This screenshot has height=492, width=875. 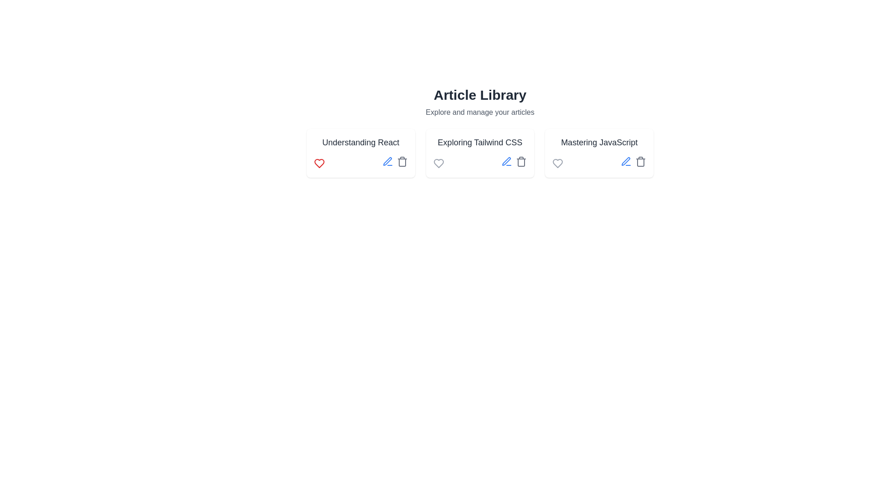 I want to click on the 'favorite' or 'like' button icon located below the 'Understanding React' heading in the first card of the article library layout, so click(x=319, y=163).